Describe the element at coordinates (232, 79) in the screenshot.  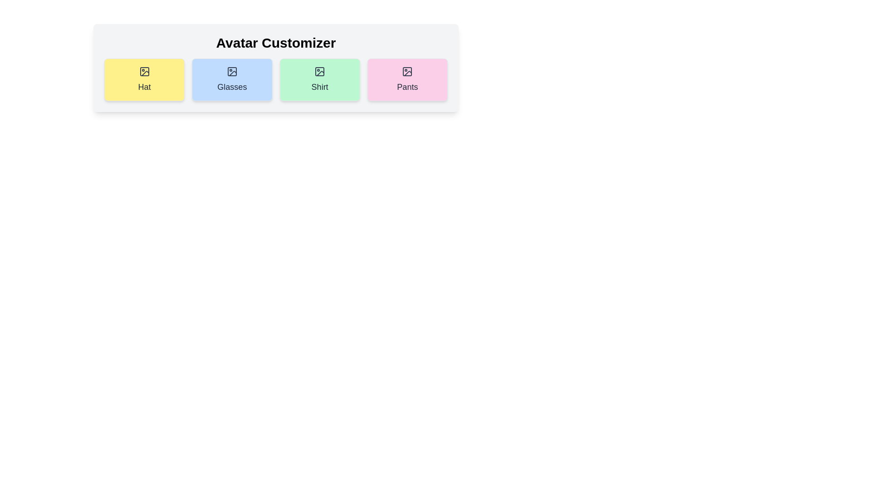
I see `the 'Glasses' selection button located as the second tile from the left` at that location.